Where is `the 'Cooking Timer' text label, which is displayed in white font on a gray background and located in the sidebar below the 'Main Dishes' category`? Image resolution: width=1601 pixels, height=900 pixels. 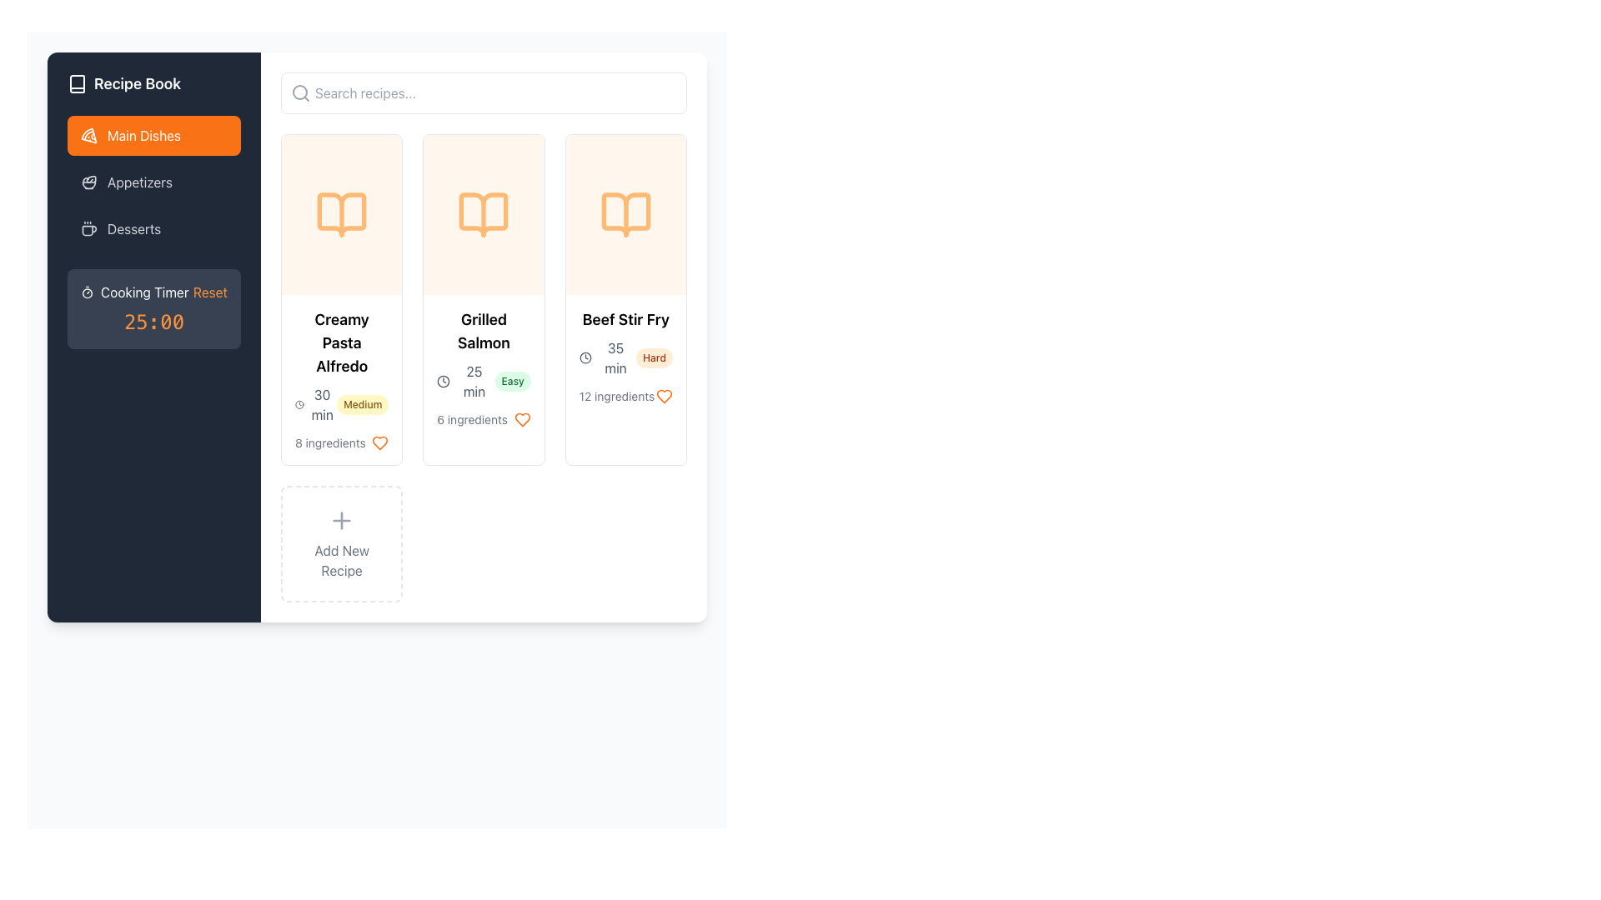 the 'Cooking Timer' text label, which is displayed in white font on a gray background and located in the sidebar below the 'Main Dishes' category is located at coordinates (144, 292).